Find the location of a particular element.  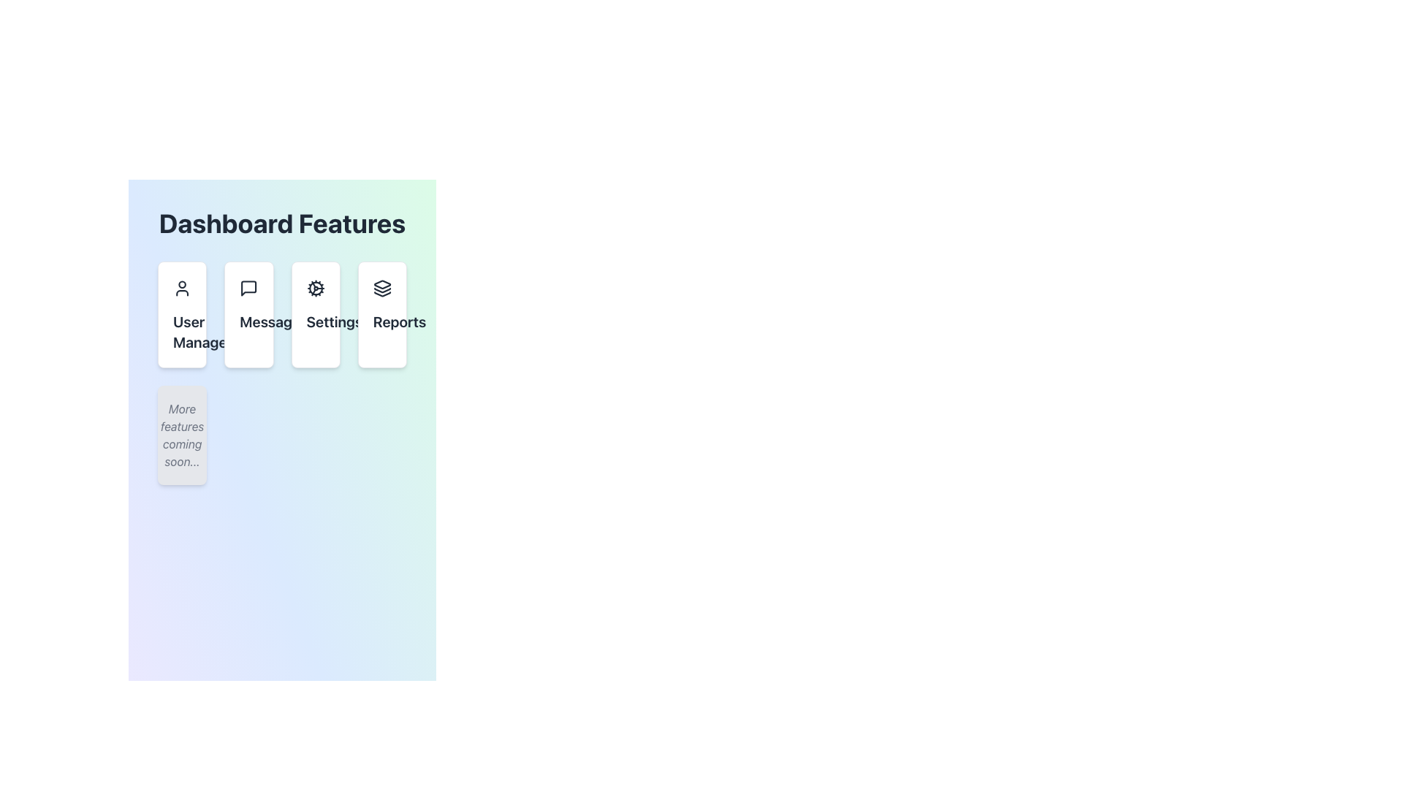

the informational label located beneath the feature tiles labeled 'User Management', 'Messages', 'Settings', and 'Reports' is located at coordinates (181, 435).